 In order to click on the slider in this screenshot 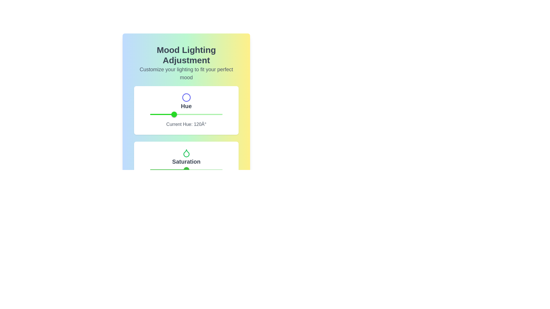, I will do `click(211, 170)`.